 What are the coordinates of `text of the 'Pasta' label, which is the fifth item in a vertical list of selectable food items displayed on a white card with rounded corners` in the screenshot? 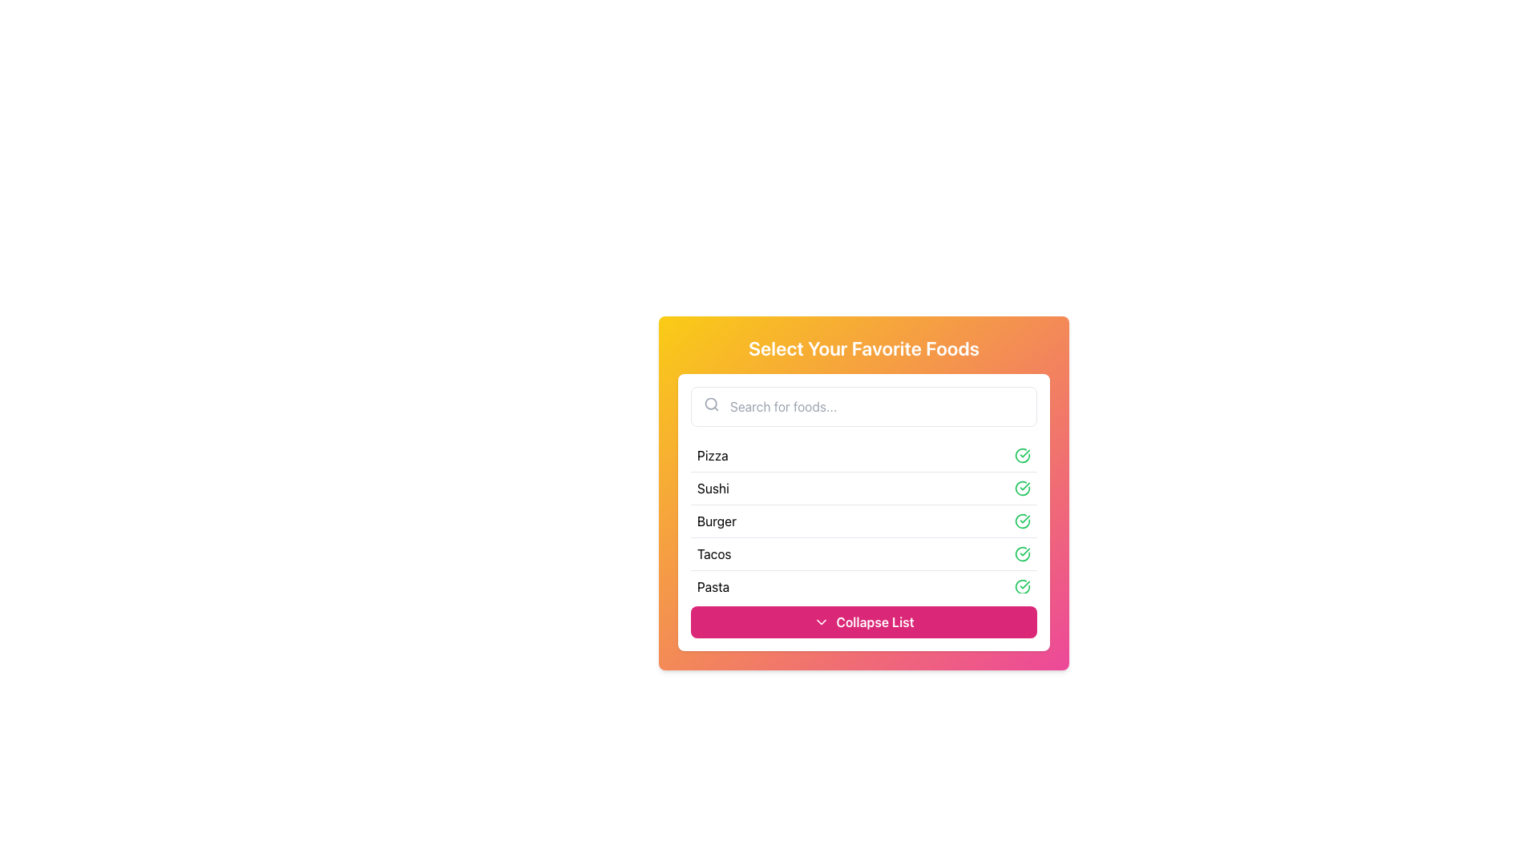 It's located at (713, 586).